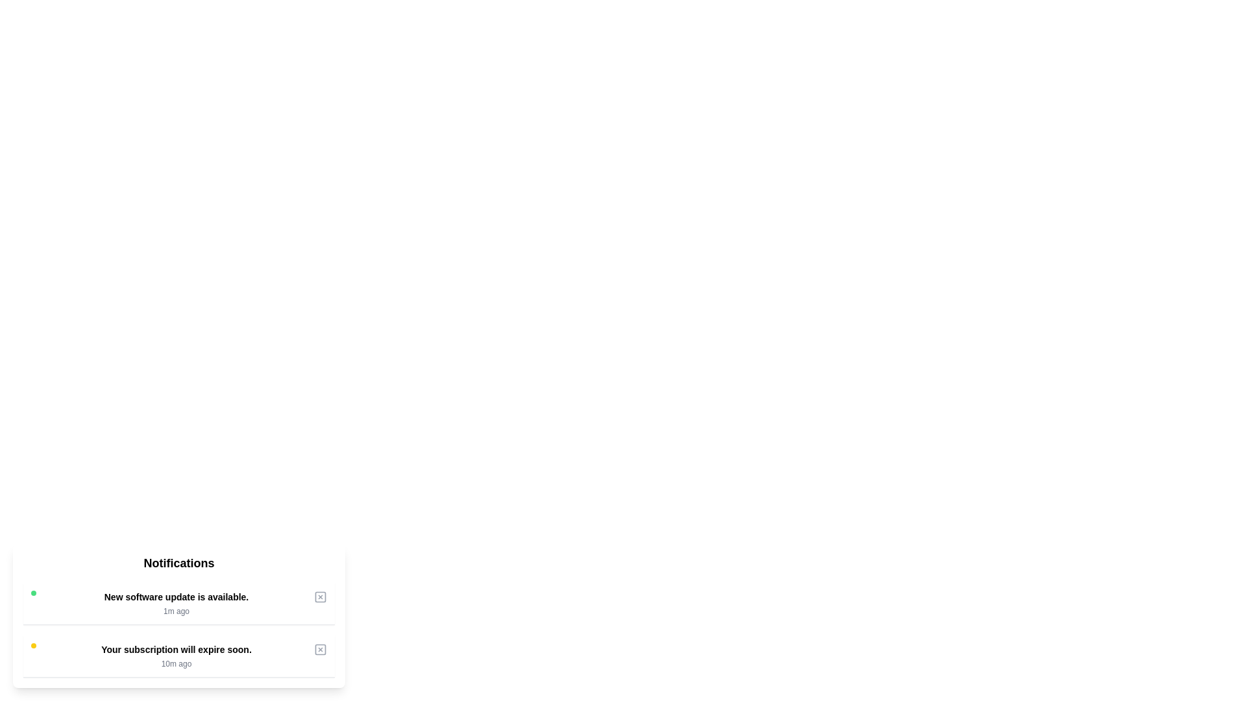  I want to click on the timestamp text label indicating '1 minute ago', which is located below the notification message about the software update, so click(176, 611).